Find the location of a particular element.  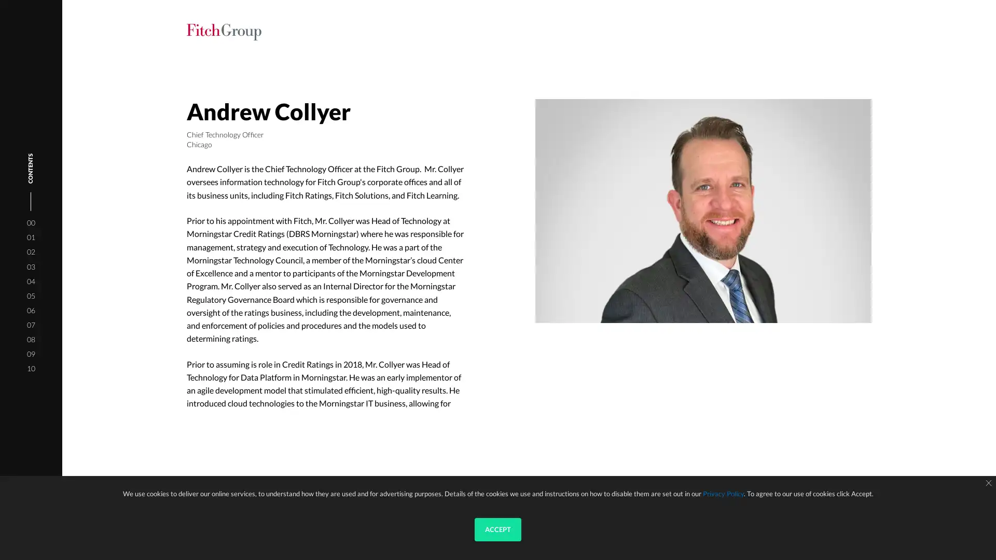

close dialog is located at coordinates (988, 483).